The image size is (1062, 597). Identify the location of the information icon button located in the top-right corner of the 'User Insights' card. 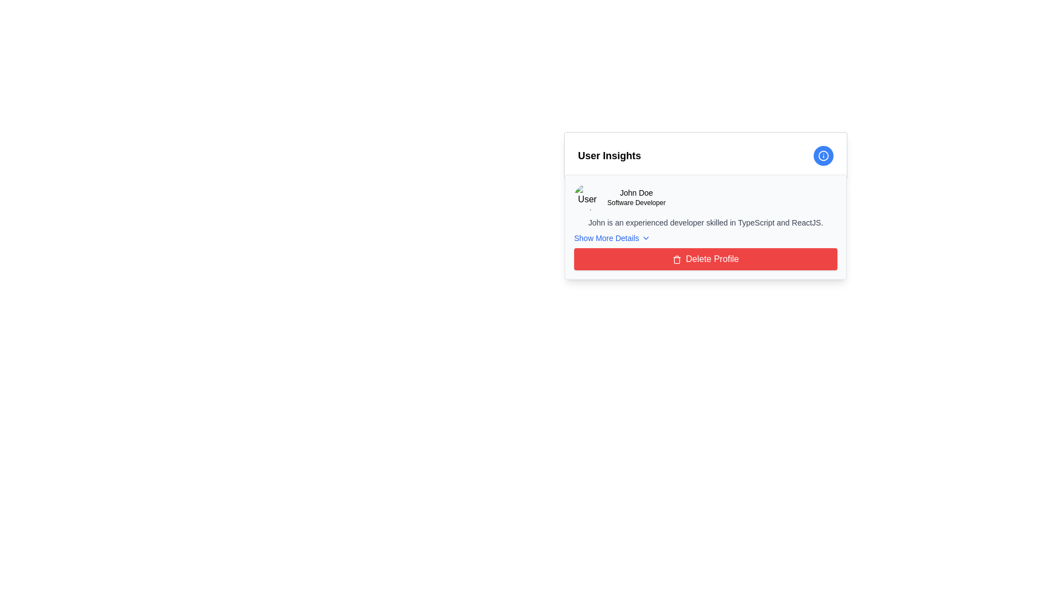
(823, 155).